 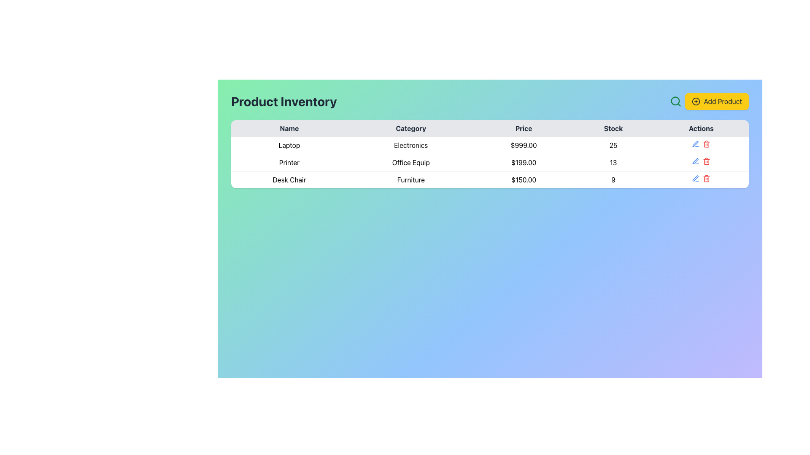 What do you see at coordinates (707, 144) in the screenshot?
I see `the delete icon button located in the action column of the first row of the product inventory table` at bounding box center [707, 144].